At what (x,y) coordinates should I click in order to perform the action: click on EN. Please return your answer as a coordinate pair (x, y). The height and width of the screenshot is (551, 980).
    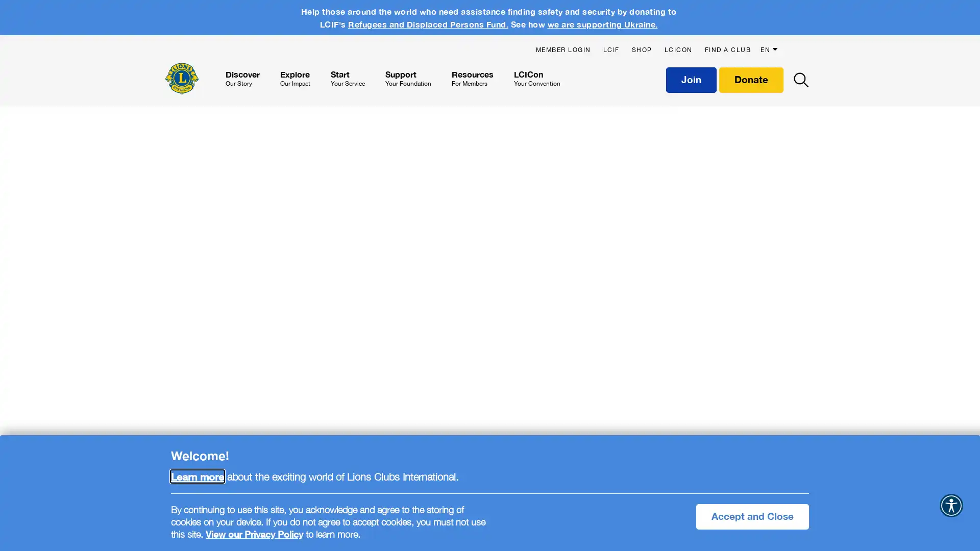
    Looking at the image, I should click on (771, 44).